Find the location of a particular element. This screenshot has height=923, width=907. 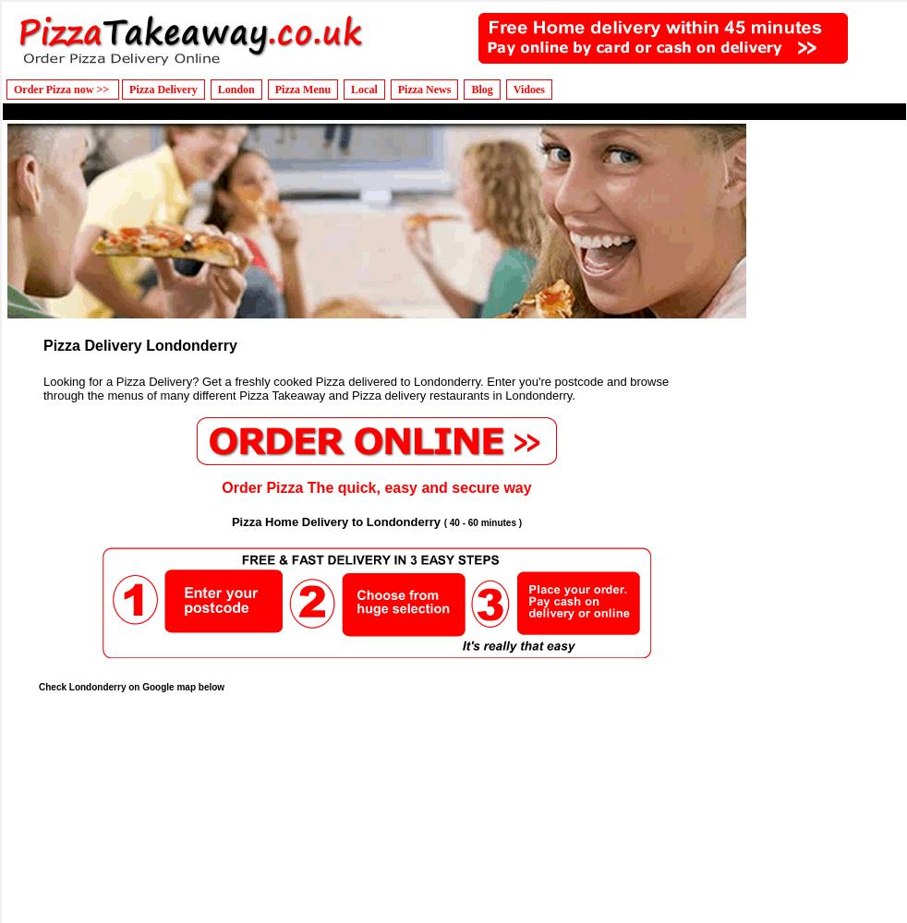

'Pizza 
                          Delivery Londonderry' is located at coordinates (139, 344).